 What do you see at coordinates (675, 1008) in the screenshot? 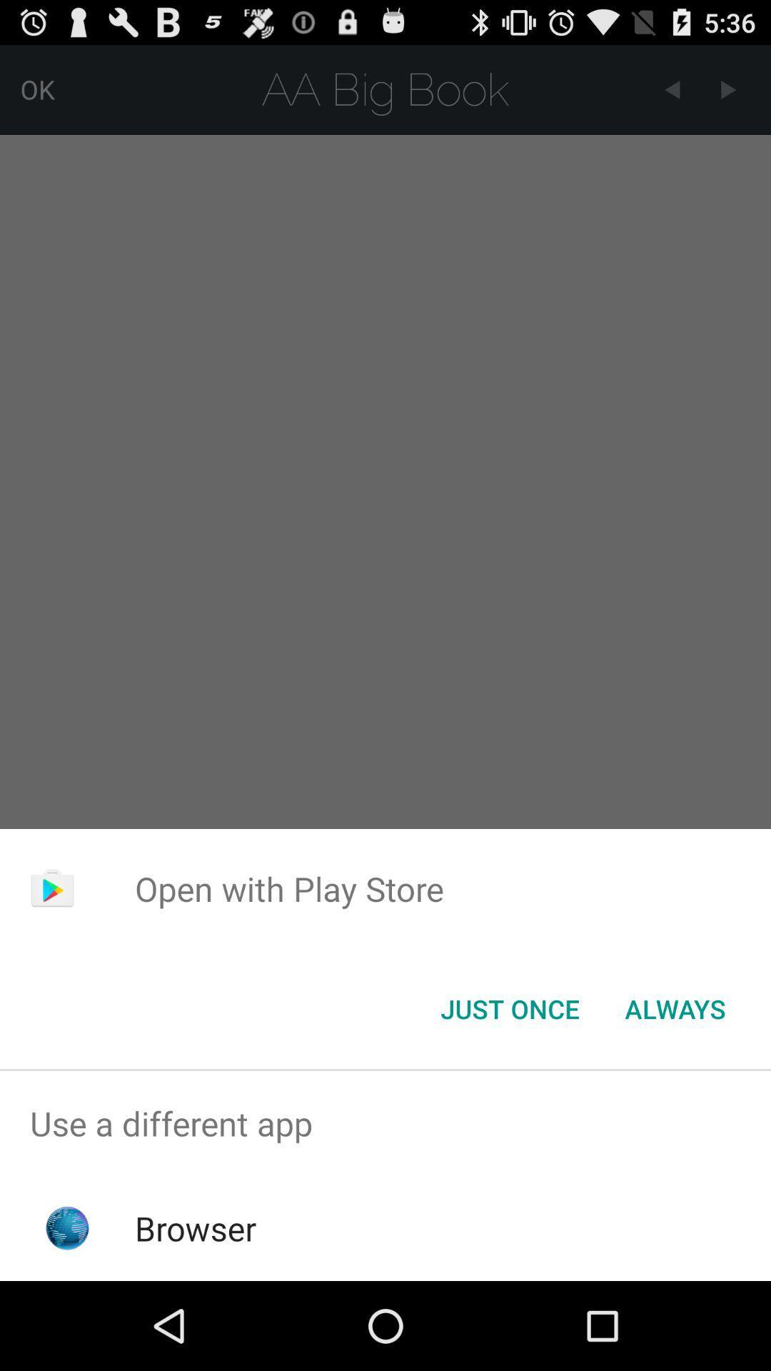
I see `button to the right of the just once button` at bounding box center [675, 1008].